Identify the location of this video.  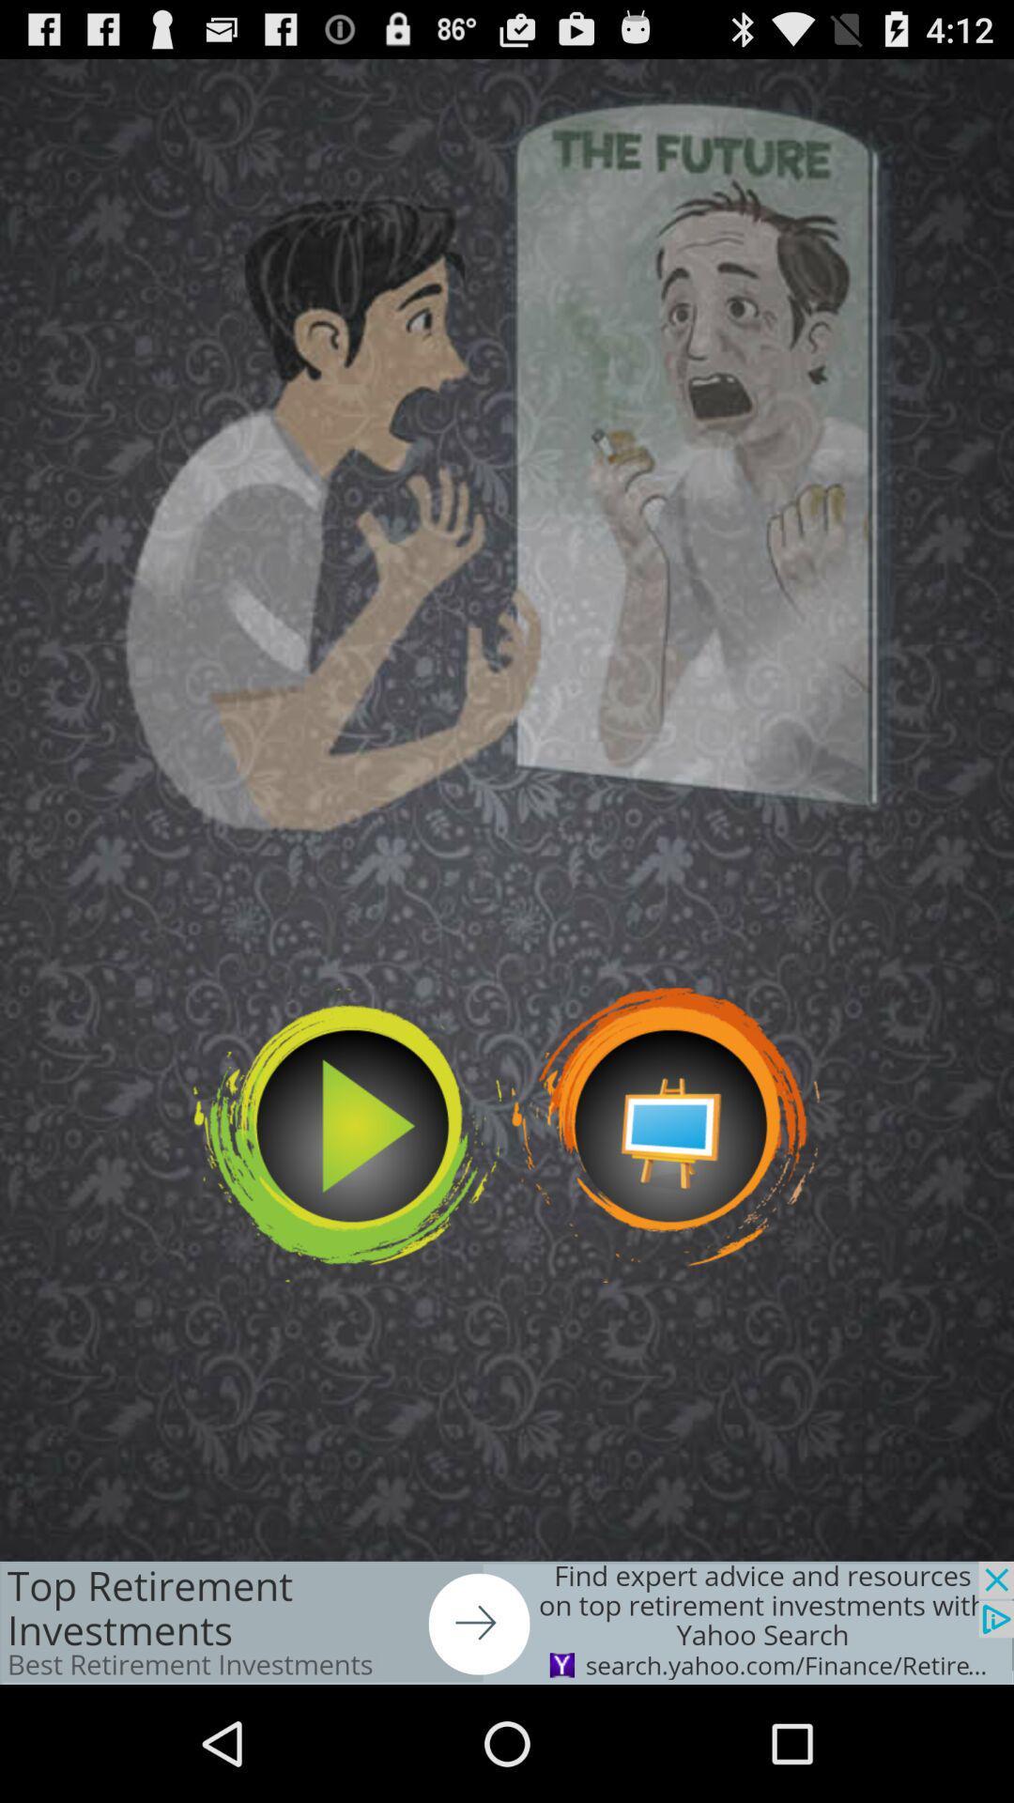
(347, 1134).